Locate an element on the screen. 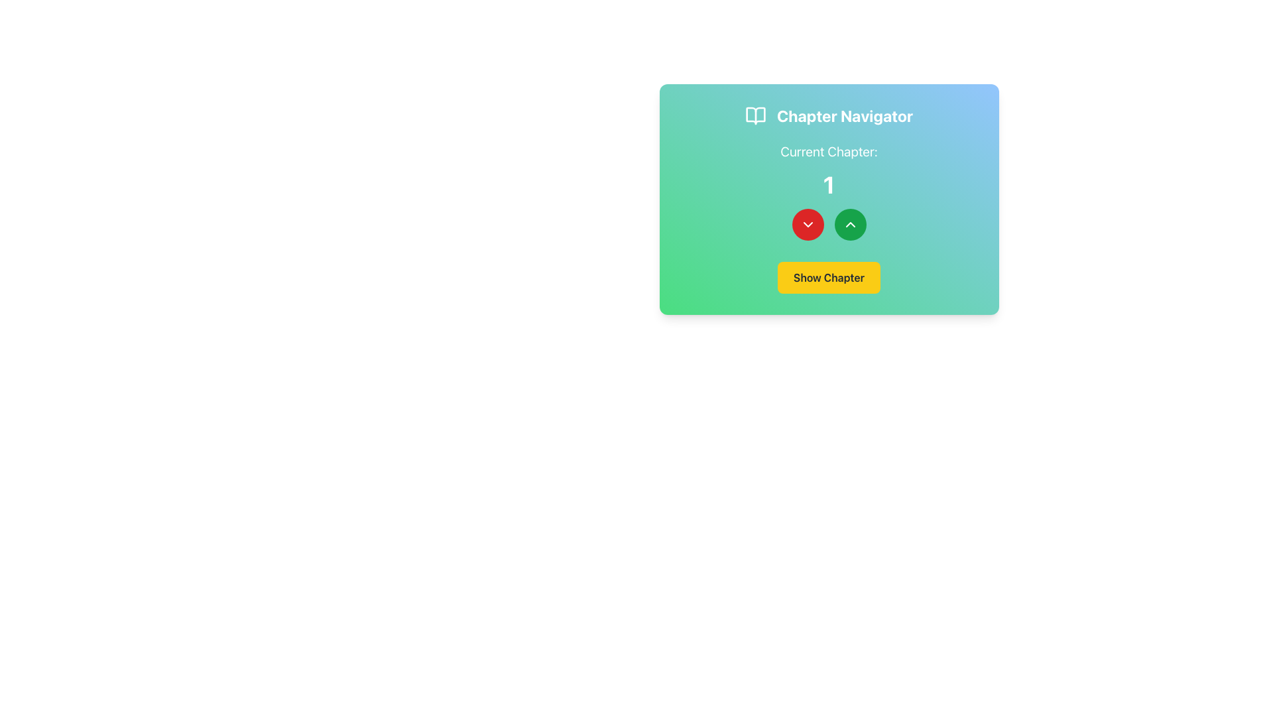 The width and height of the screenshot is (1273, 716). the leftmost circular button with a red background and a chevron-down icon, located beneath the text 'Current Chapter:' is located at coordinates (807, 224).